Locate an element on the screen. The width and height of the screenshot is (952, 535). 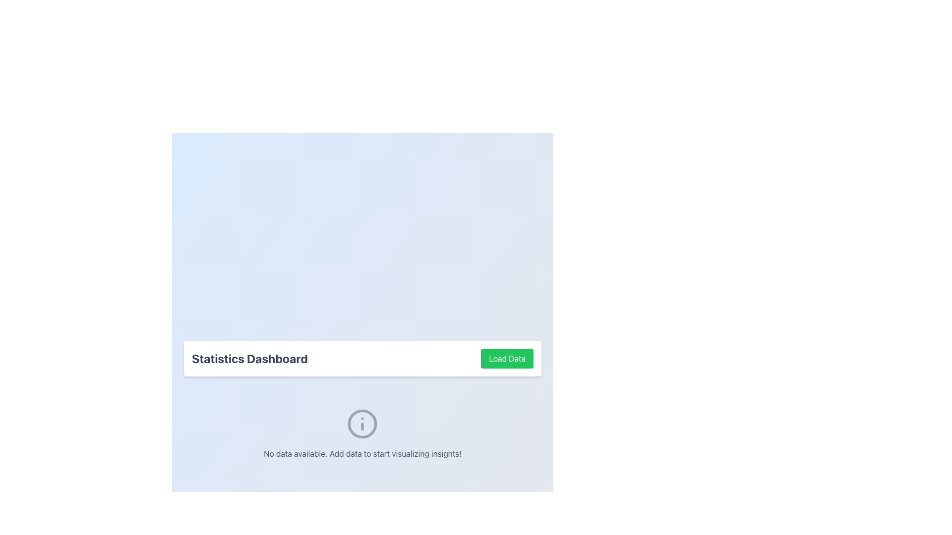
the circular gray-bordered icon with an 'i' in the center, located below the 'Statistics Dashboard' title and 'Load Data' button is located at coordinates (362, 424).